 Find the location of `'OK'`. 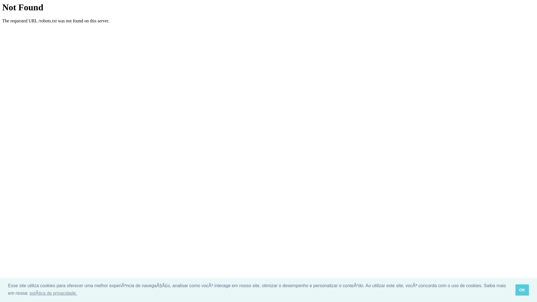

'OK' is located at coordinates (515, 290).